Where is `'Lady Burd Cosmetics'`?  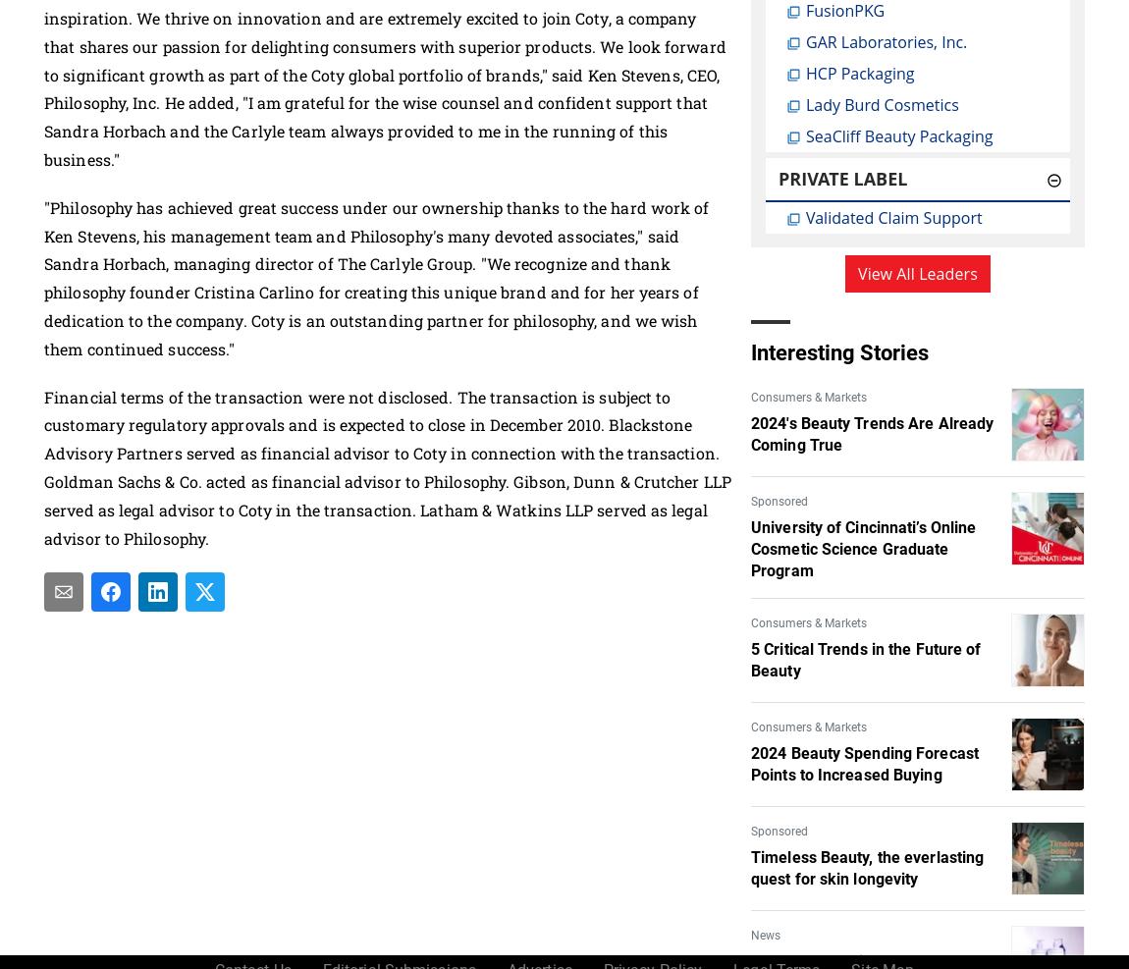 'Lady Burd Cosmetics' is located at coordinates (882, 104).